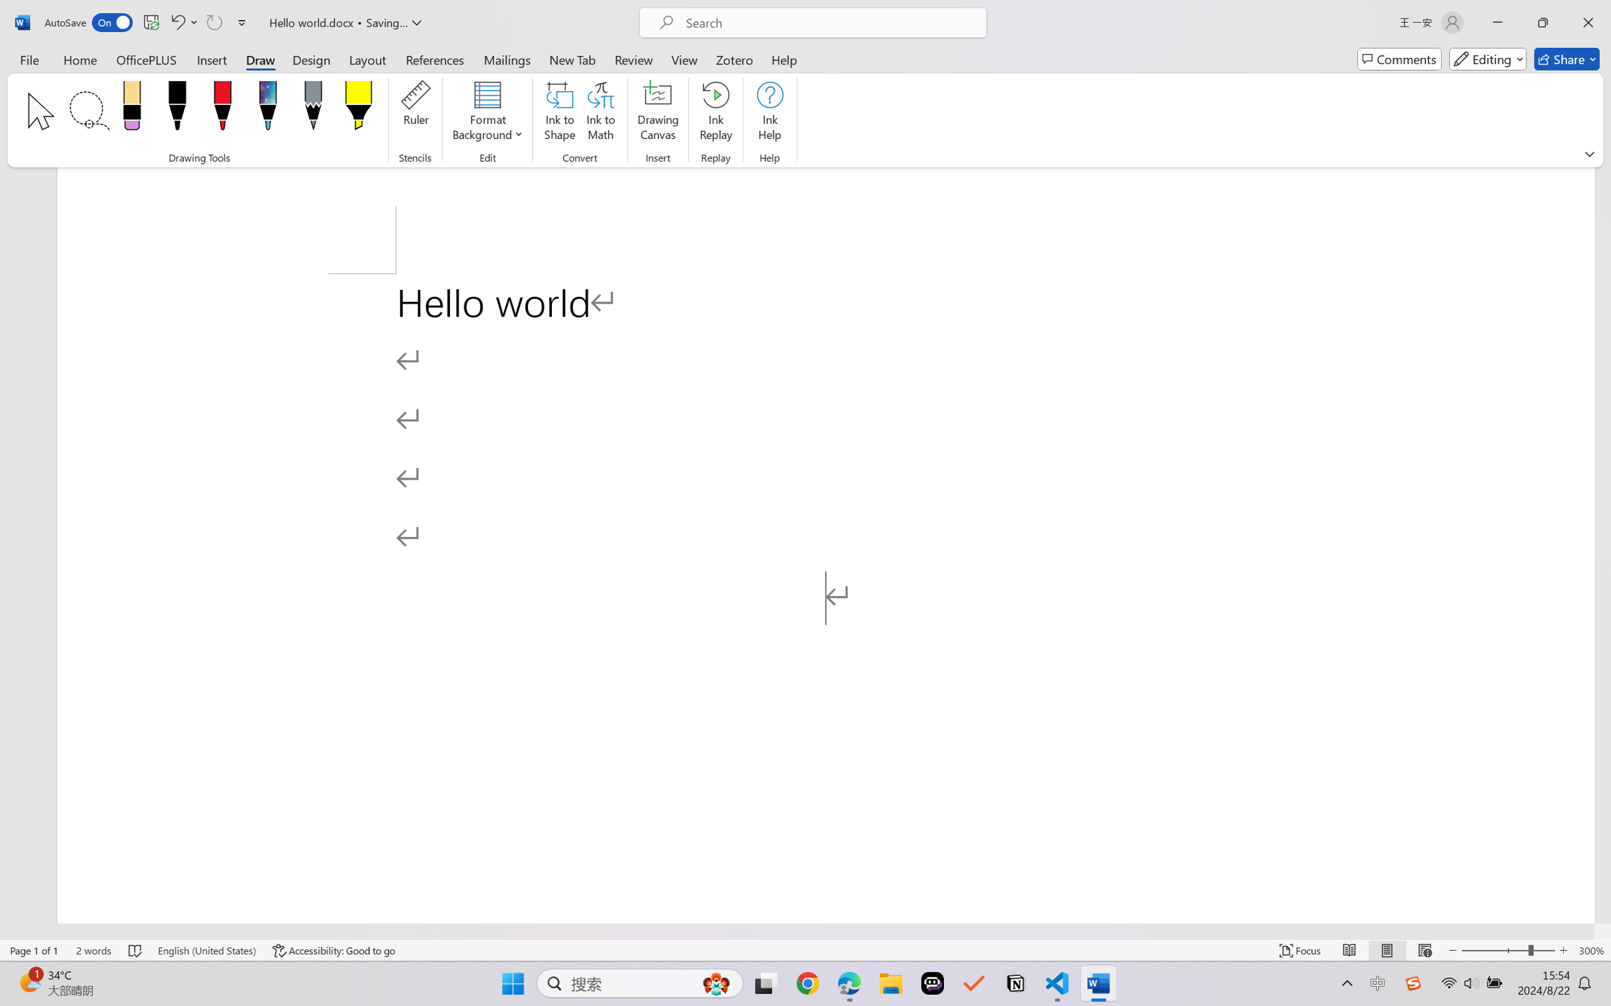 The width and height of the screenshot is (1611, 1006). I want to click on 'AutoSave', so click(89, 22).